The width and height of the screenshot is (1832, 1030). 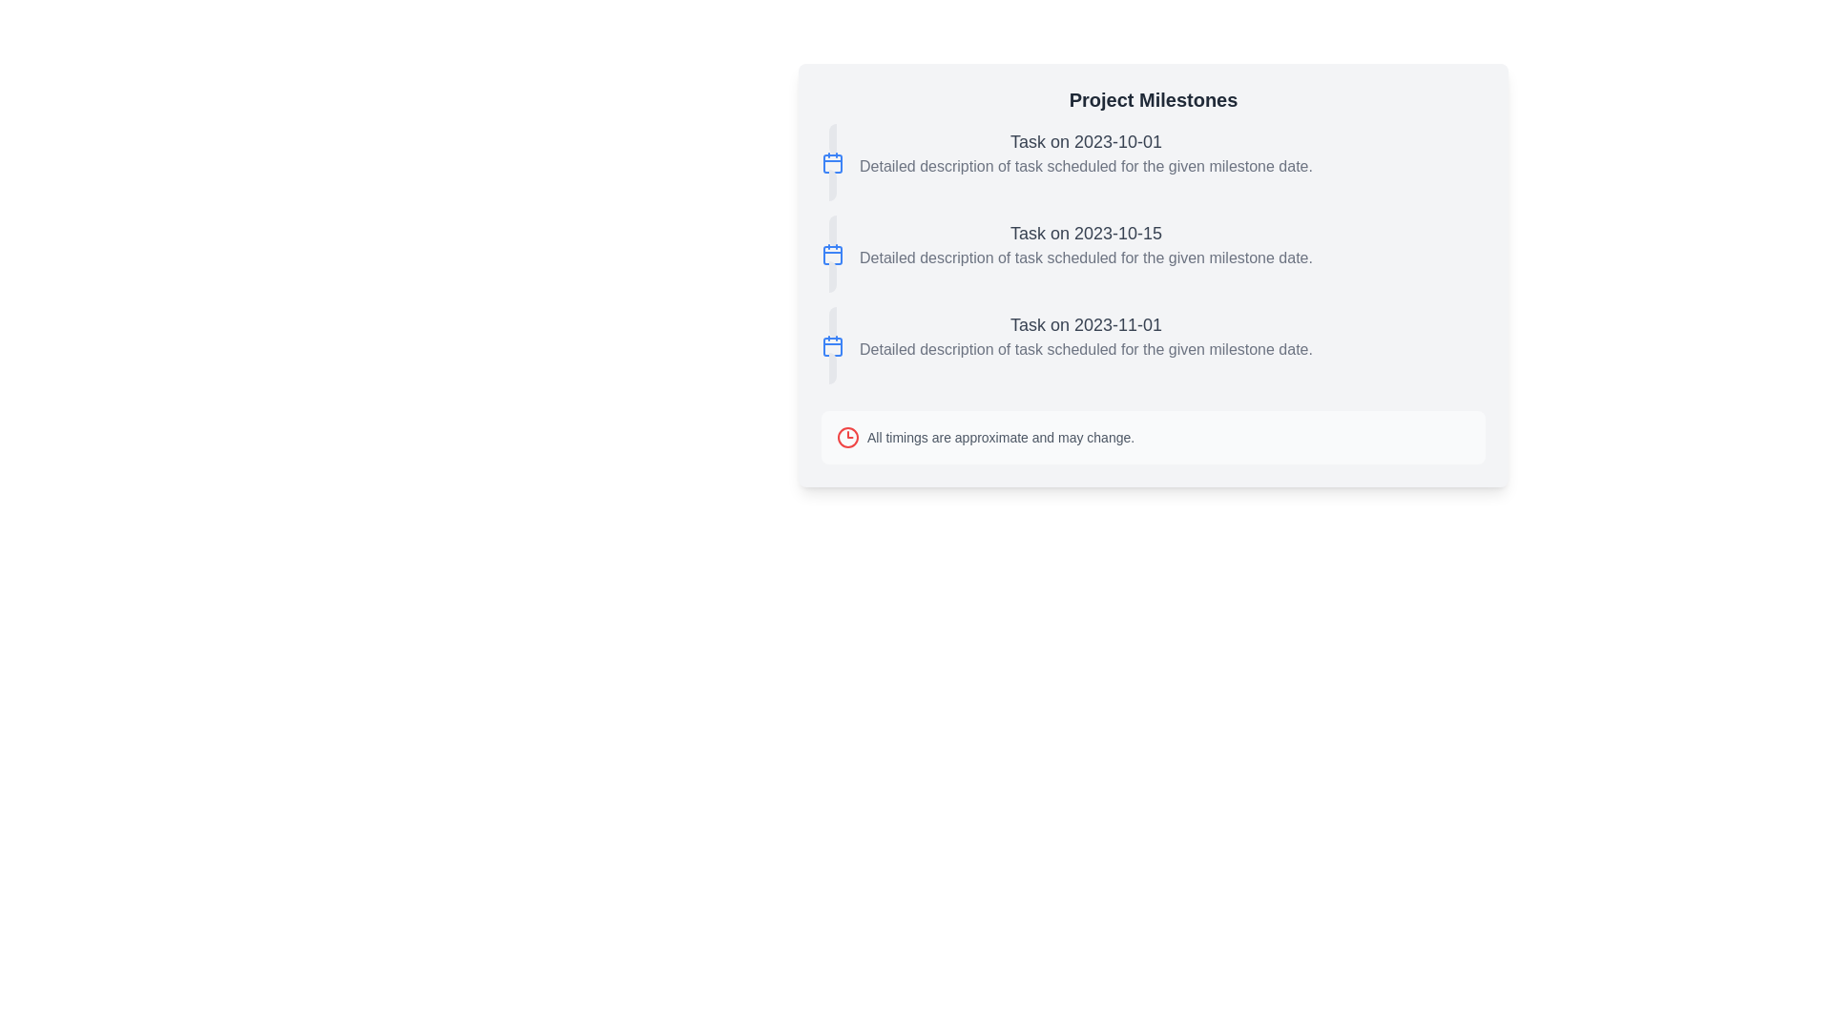 What do you see at coordinates (833, 345) in the screenshot?
I see `small calendar-shaped icon with a blue outline, which is the third icon in a vertical list, associated with the text 'Task on 2023-11-01'` at bounding box center [833, 345].